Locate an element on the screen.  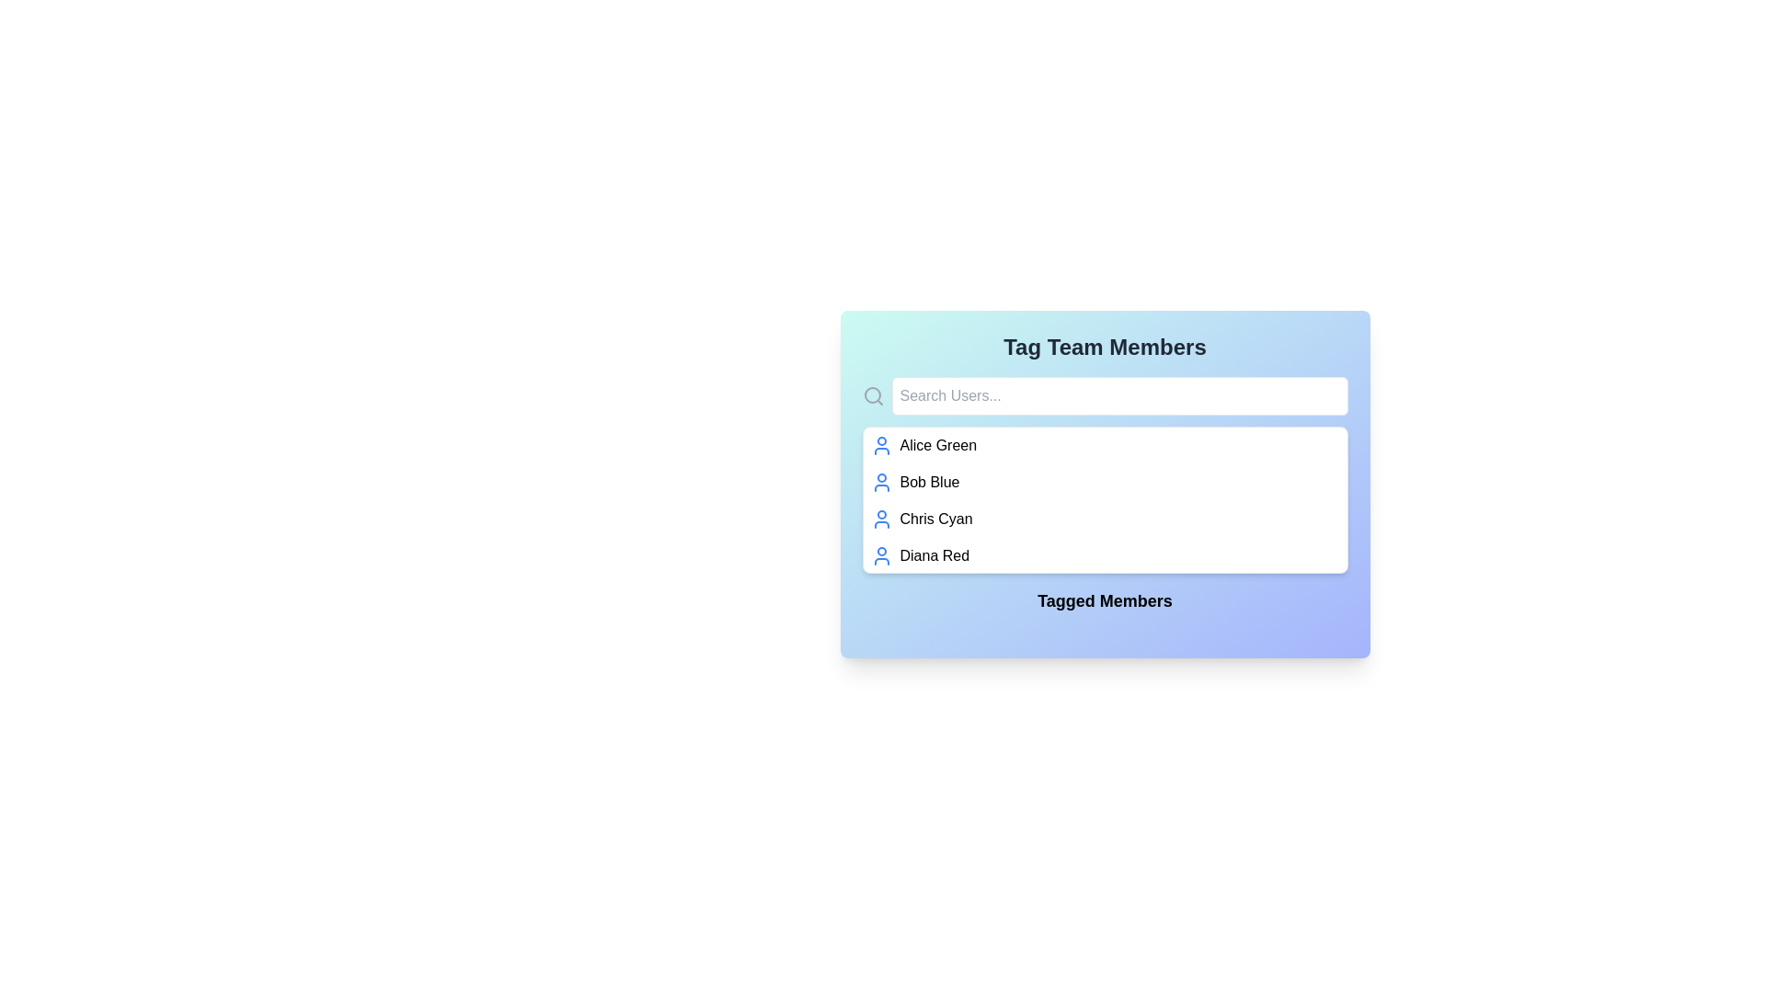
the fourth entry in the user list is located at coordinates (1104, 555).